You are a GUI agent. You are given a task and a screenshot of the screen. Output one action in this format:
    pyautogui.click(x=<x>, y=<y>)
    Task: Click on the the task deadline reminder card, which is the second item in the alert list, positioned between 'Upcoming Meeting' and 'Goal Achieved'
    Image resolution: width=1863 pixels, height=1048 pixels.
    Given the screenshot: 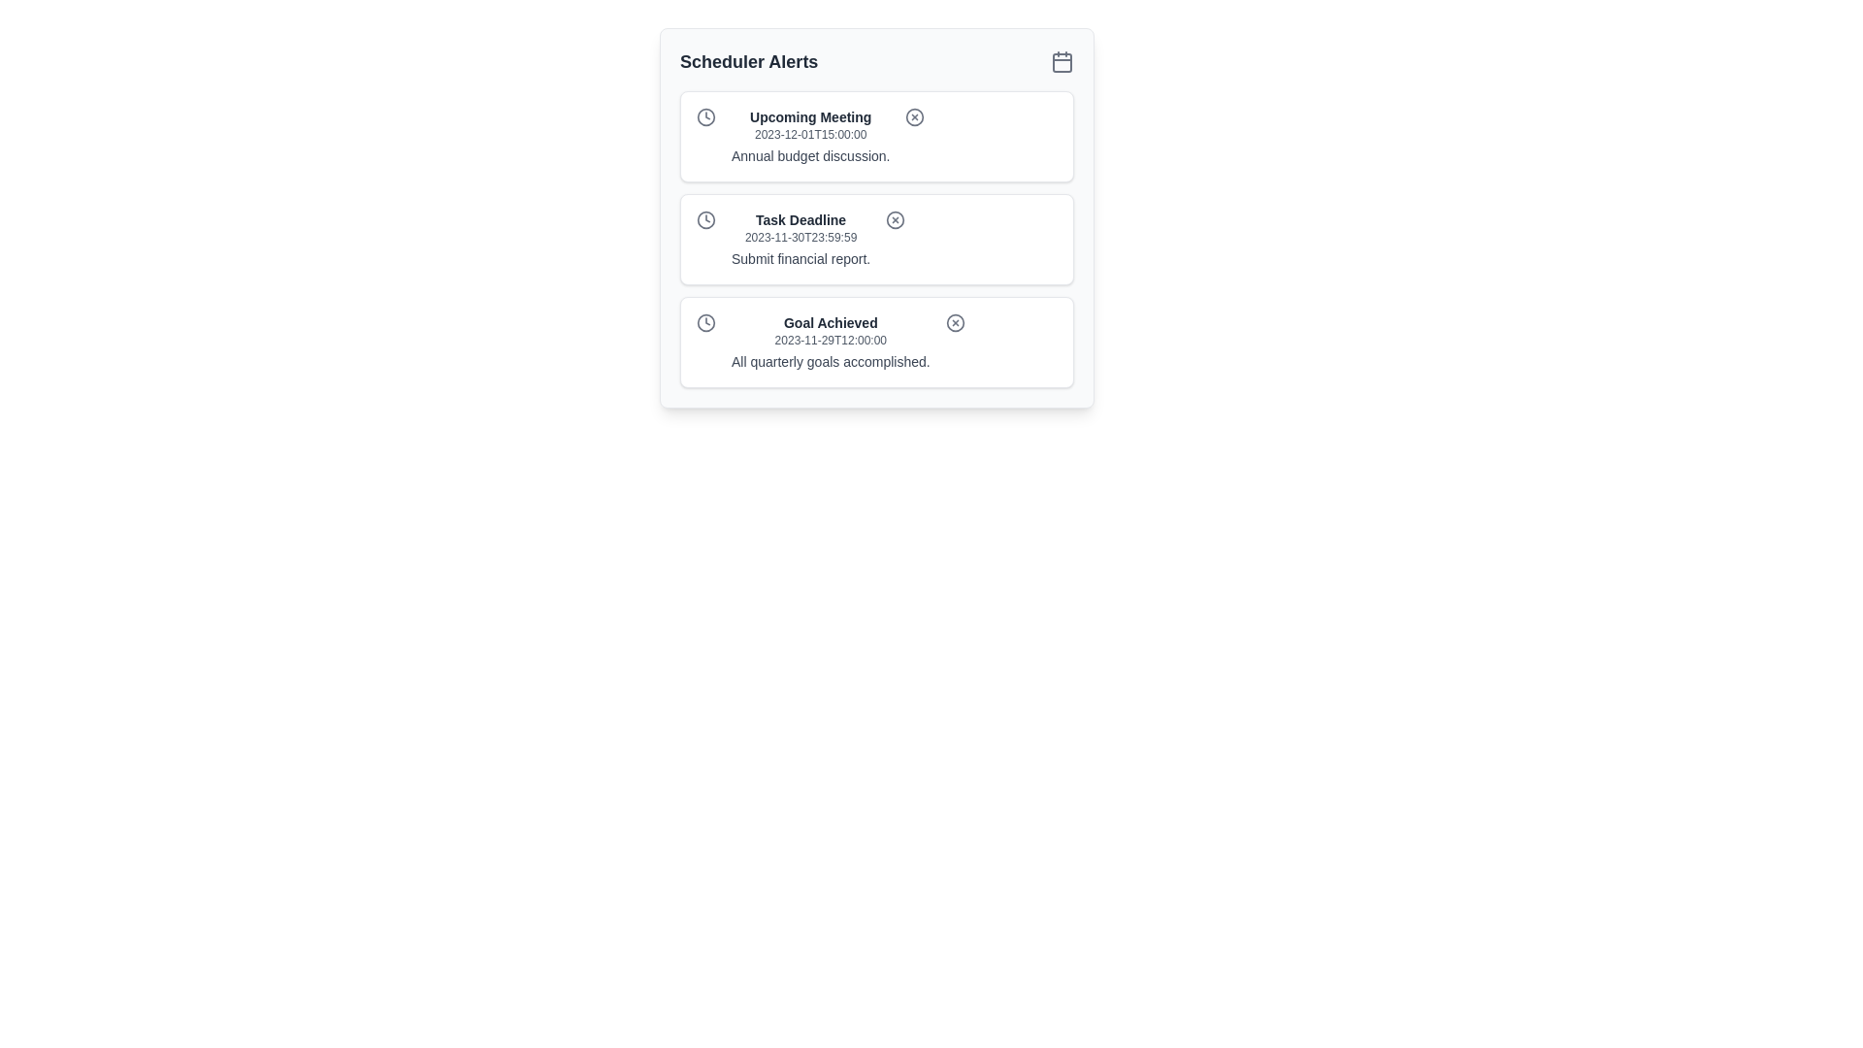 What is the action you would take?
    pyautogui.click(x=875, y=238)
    